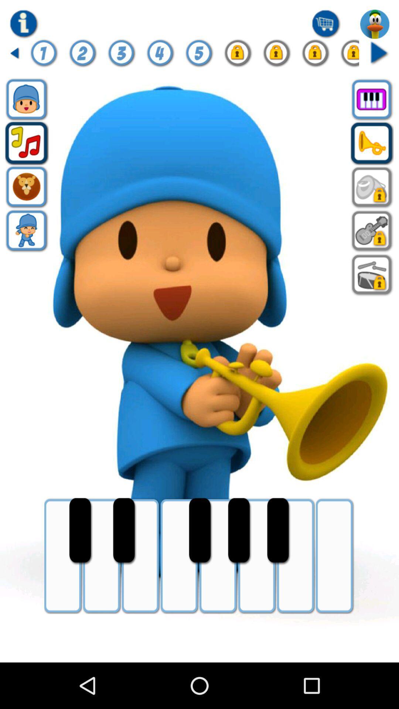  What do you see at coordinates (372, 153) in the screenshot?
I see `the call icon` at bounding box center [372, 153].